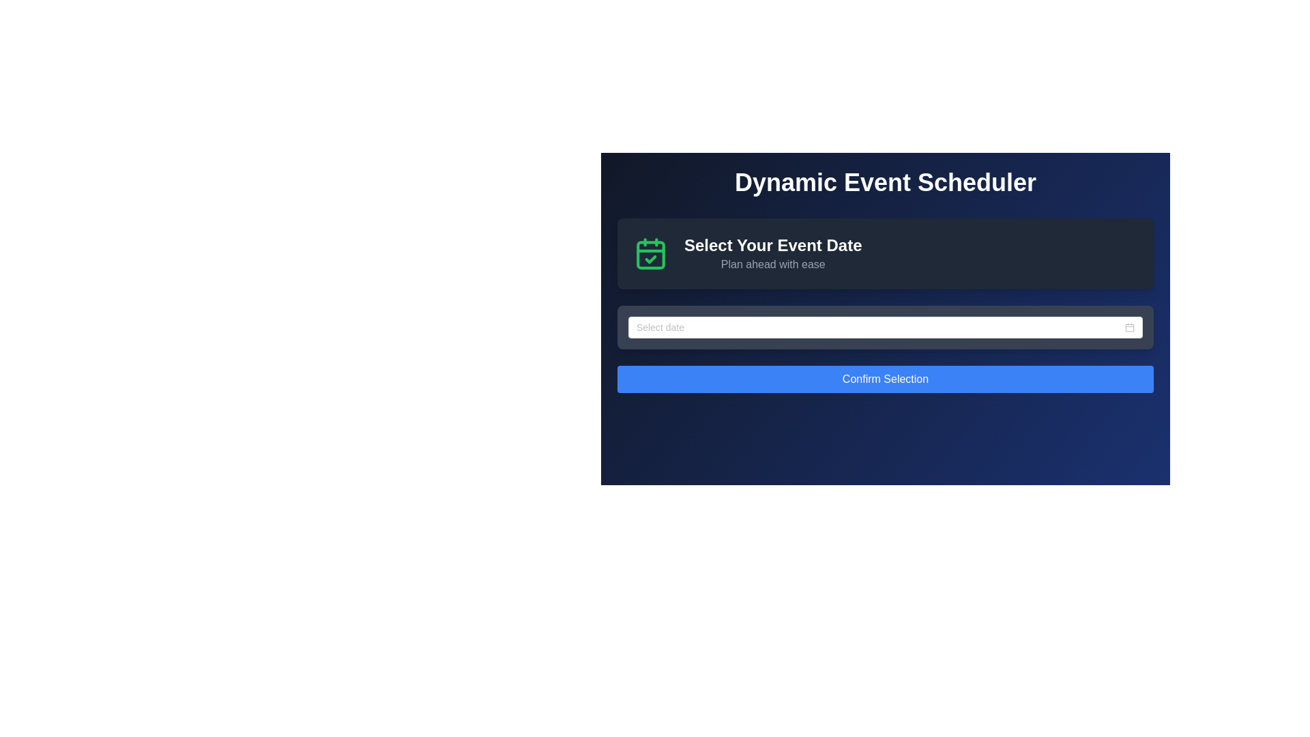  What do you see at coordinates (773, 265) in the screenshot?
I see `the static text label that reads 'Plan ahead with ease', which is located directly beneath the main title 'Select Your Event Date'` at bounding box center [773, 265].